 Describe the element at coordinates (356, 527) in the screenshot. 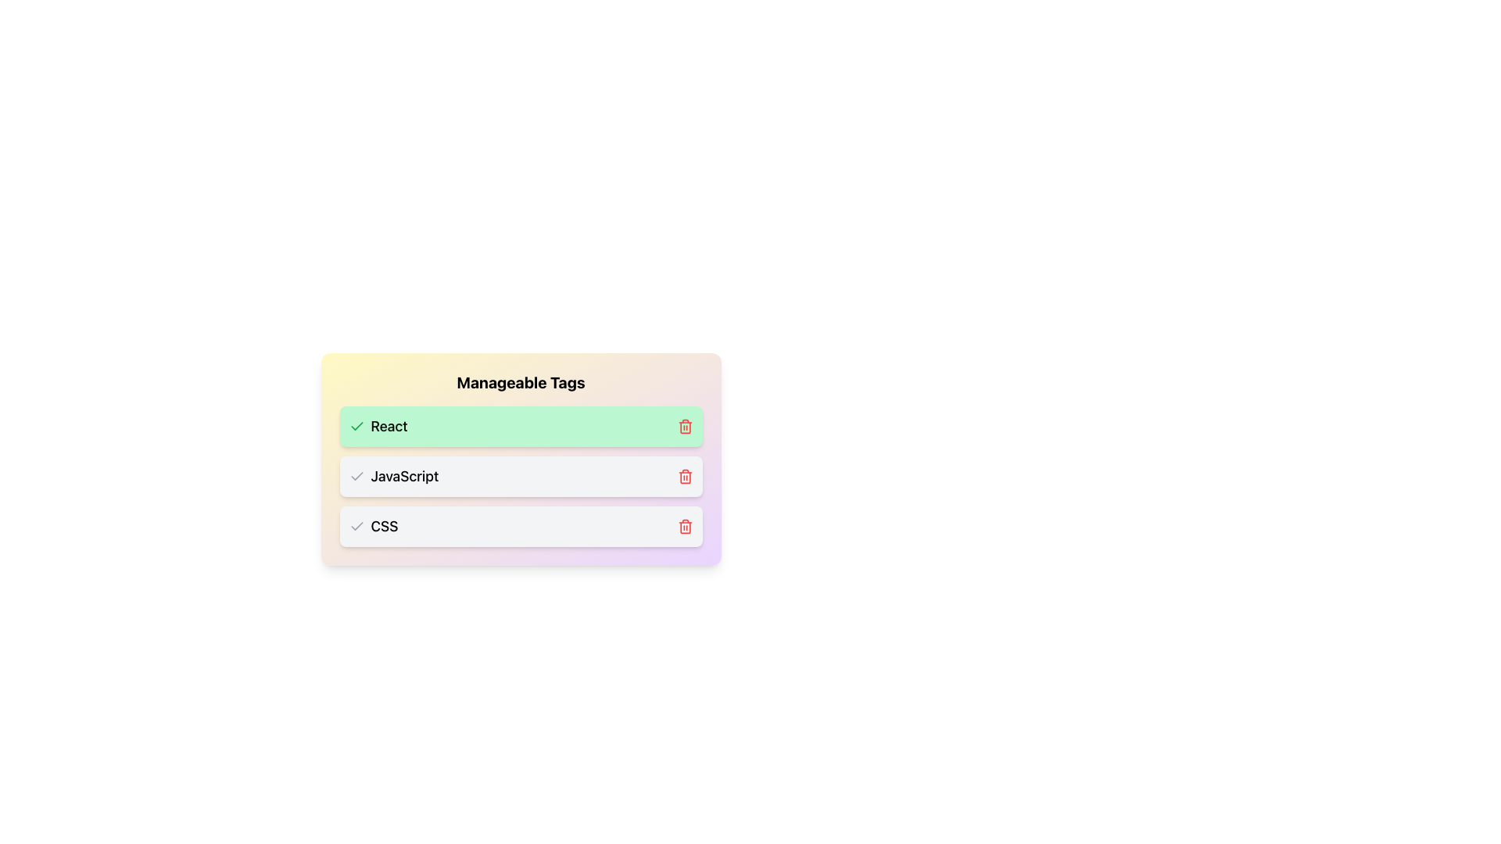

I see `the checkmark icon with a gray stroke located to the left of the 'CSS' text in the third list item of a vertically aligned group` at that location.